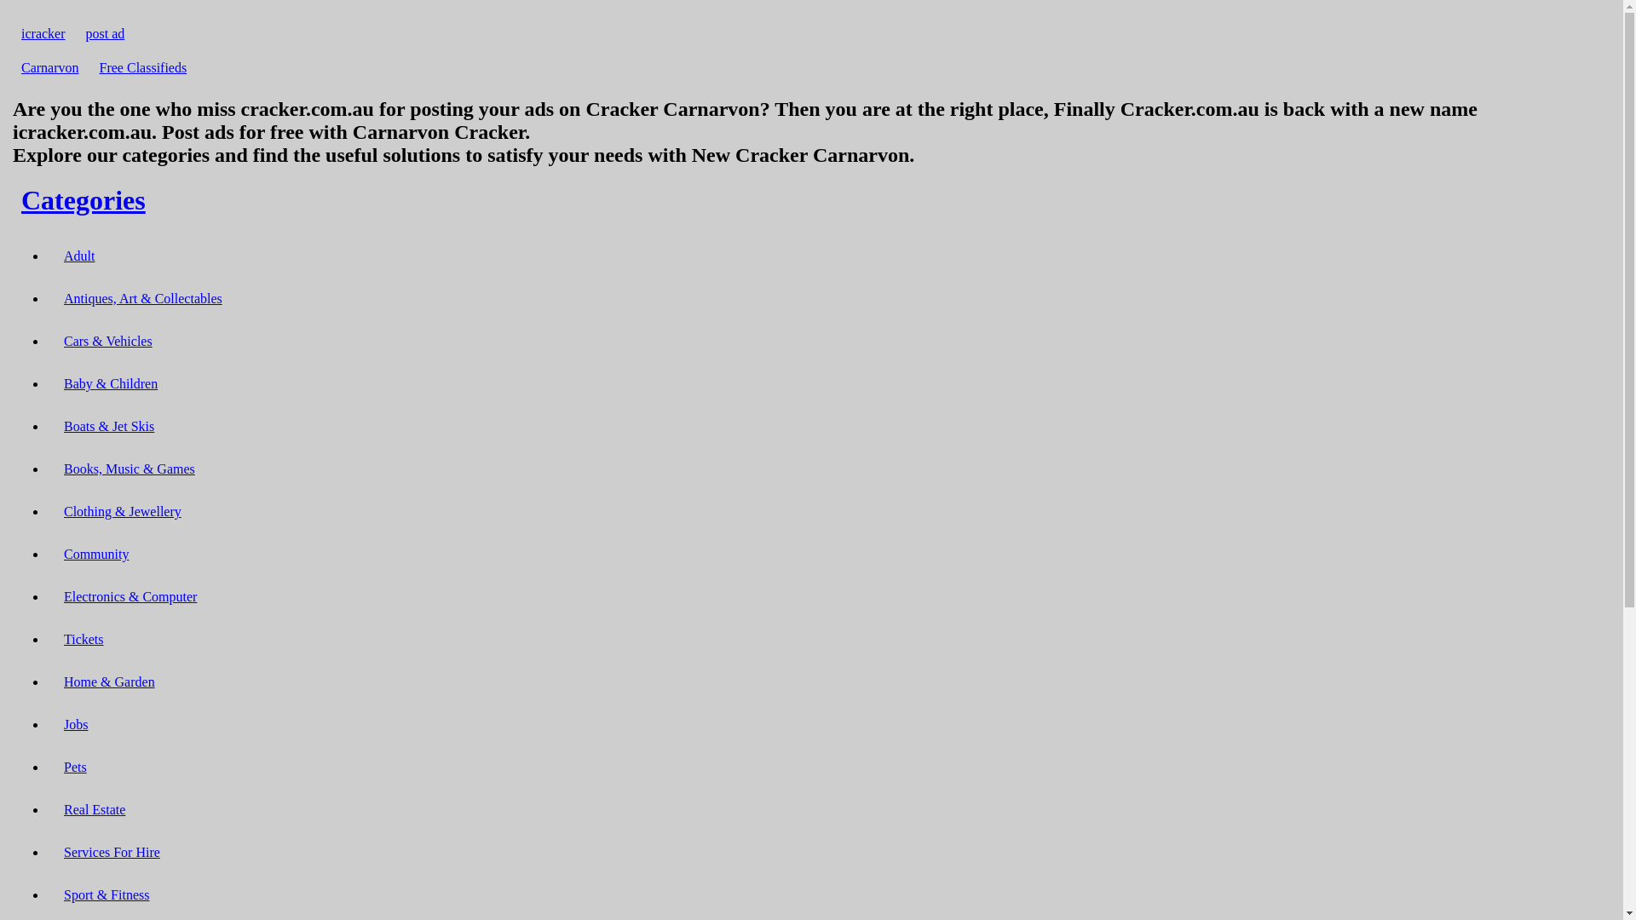  Describe the element at coordinates (89, 66) in the screenshot. I see `'Free Classifieds'` at that location.